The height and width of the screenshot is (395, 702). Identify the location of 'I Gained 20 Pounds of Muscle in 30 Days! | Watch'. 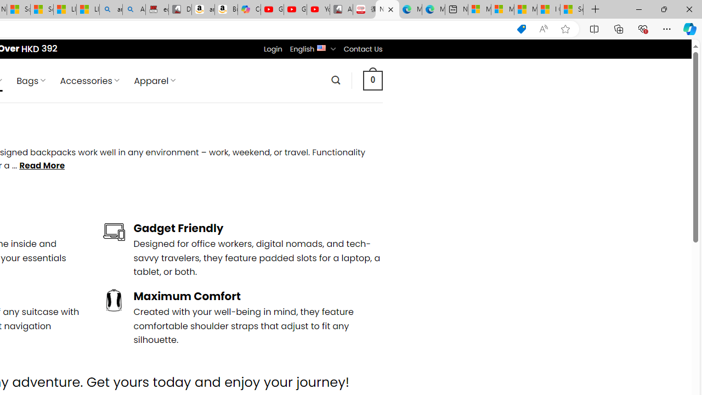
(548, 9).